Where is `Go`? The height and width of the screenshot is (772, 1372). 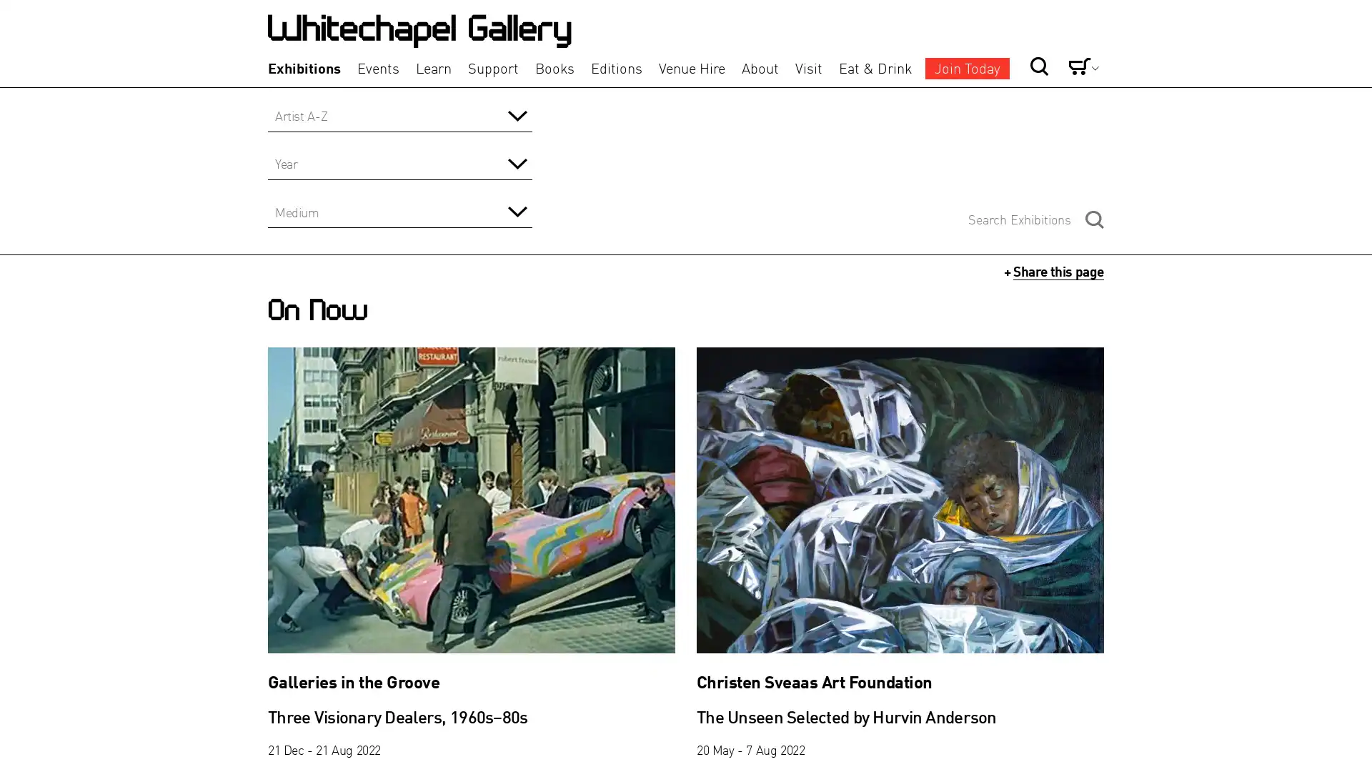
Go is located at coordinates (990, 41).